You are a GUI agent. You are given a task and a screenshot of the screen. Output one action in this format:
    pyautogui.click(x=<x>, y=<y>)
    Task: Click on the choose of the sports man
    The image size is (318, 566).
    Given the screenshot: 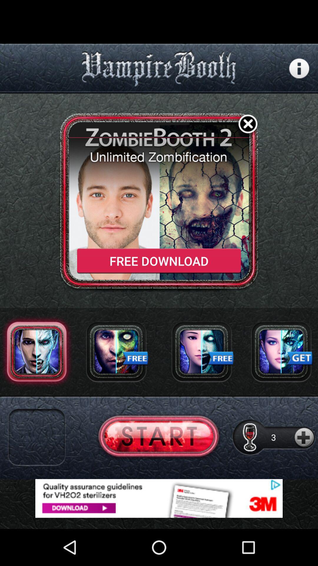 What is the action you would take?
    pyautogui.click(x=201, y=351)
    